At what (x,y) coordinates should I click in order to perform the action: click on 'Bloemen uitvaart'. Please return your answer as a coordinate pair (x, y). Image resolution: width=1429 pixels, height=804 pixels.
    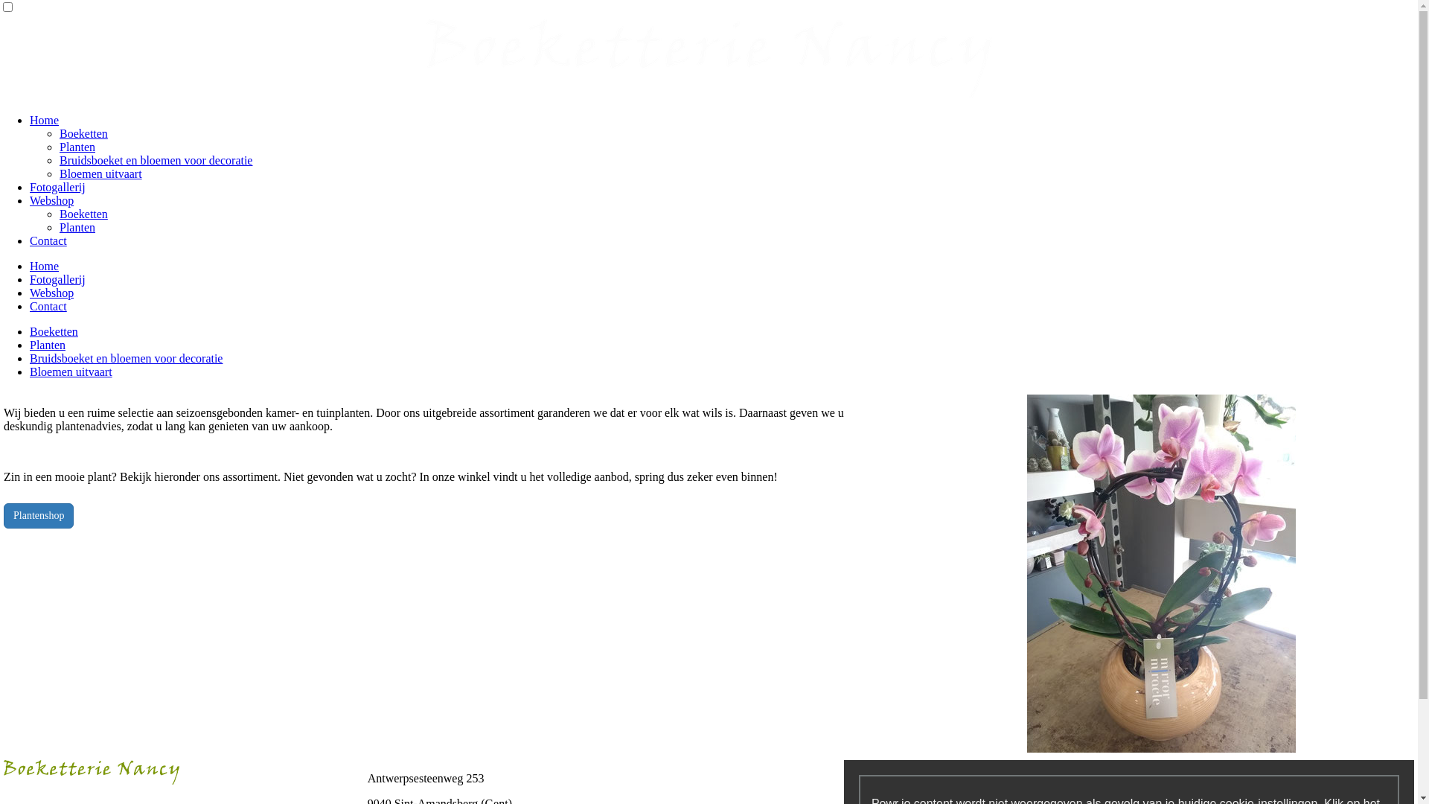
    Looking at the image, I should click on (100, 173).